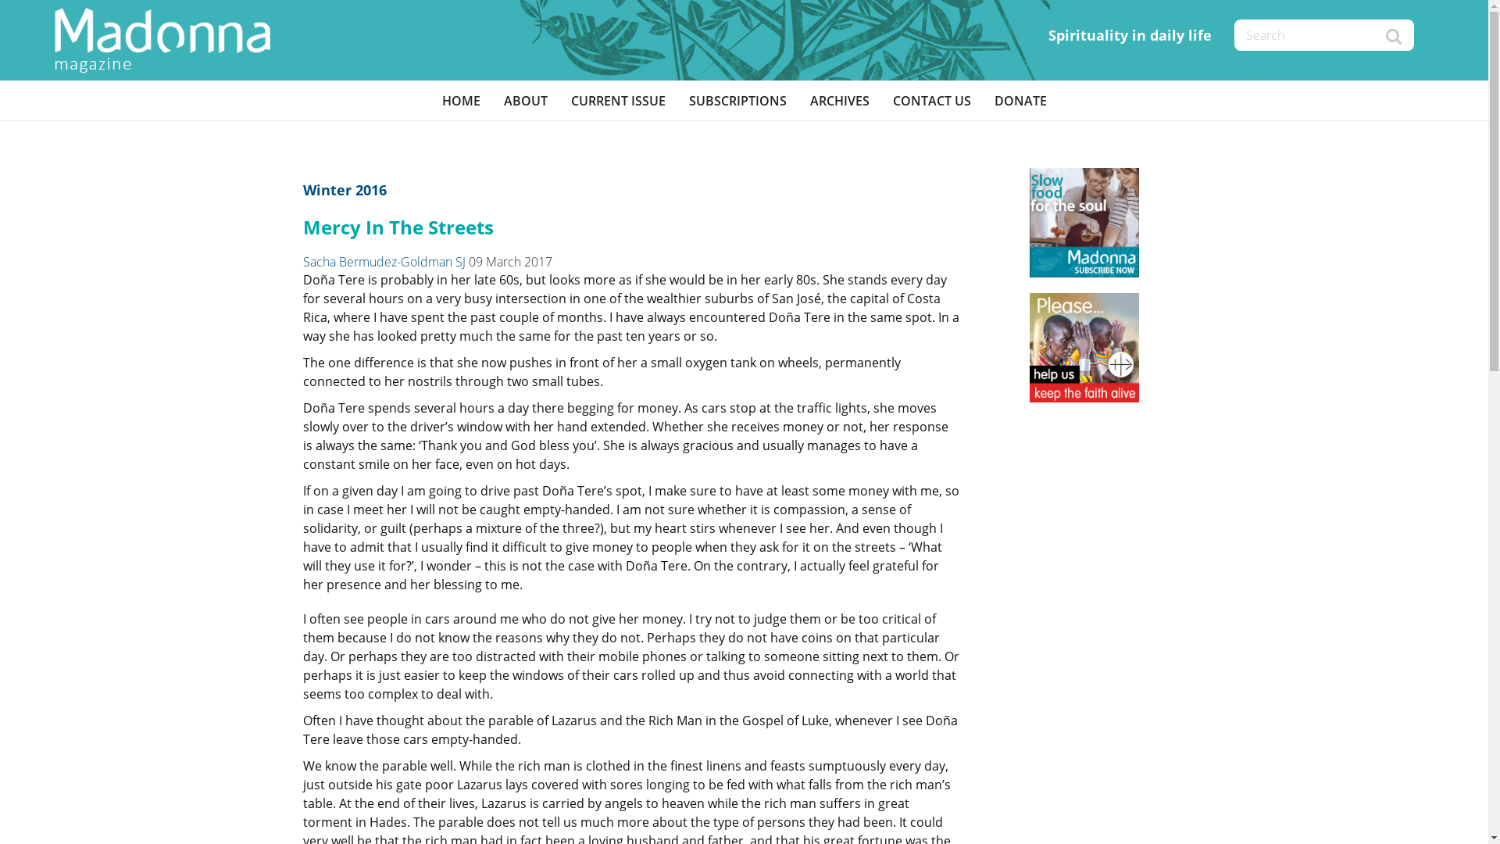 The width and height of the screenshot is (1500, 844). I want to click on 'Sacha Bermudez-Goldman SJ', so click(384, 261).